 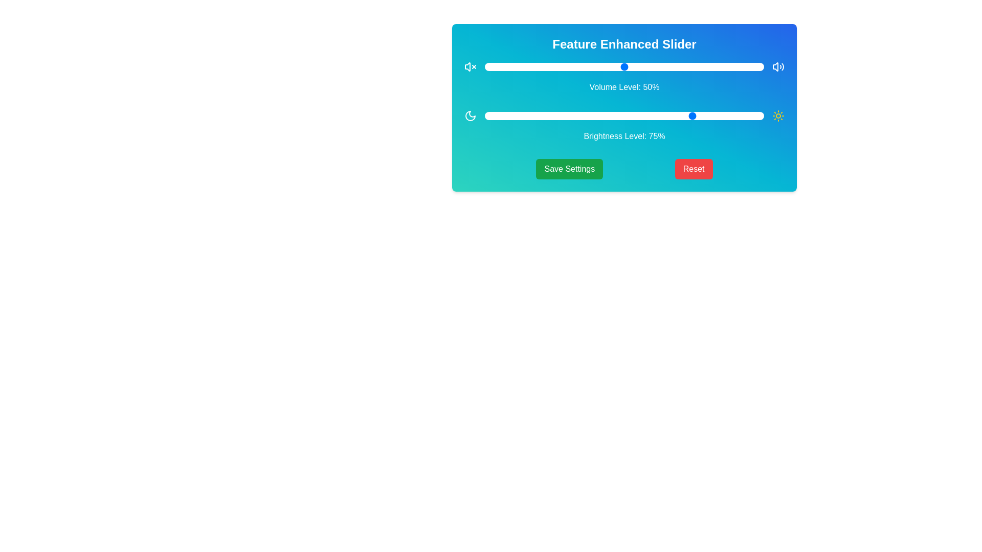 I want to click on brightness, so click(x=755, y=116).